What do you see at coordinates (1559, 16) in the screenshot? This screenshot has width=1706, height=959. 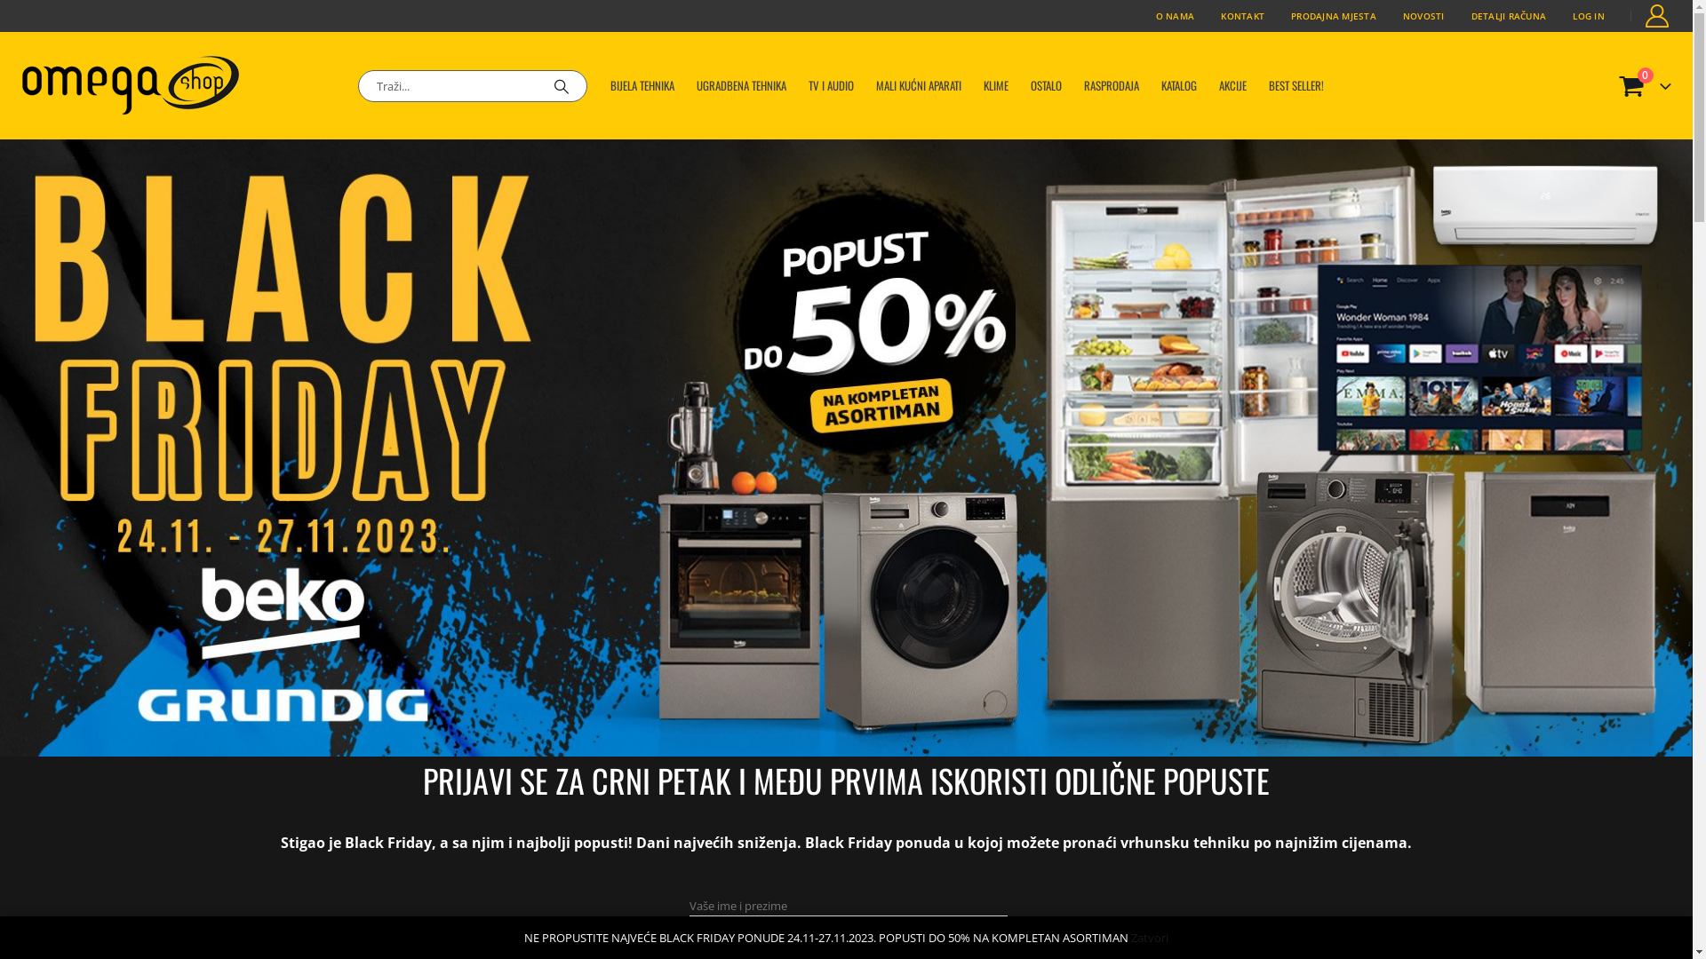 I see `'LOG IN'` at bounding box center [1559, 16].